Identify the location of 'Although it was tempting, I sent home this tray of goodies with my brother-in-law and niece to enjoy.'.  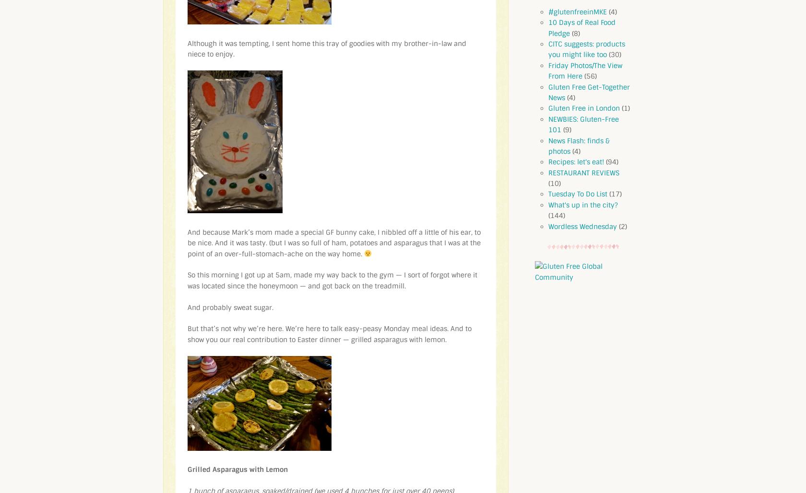
(327, 48).